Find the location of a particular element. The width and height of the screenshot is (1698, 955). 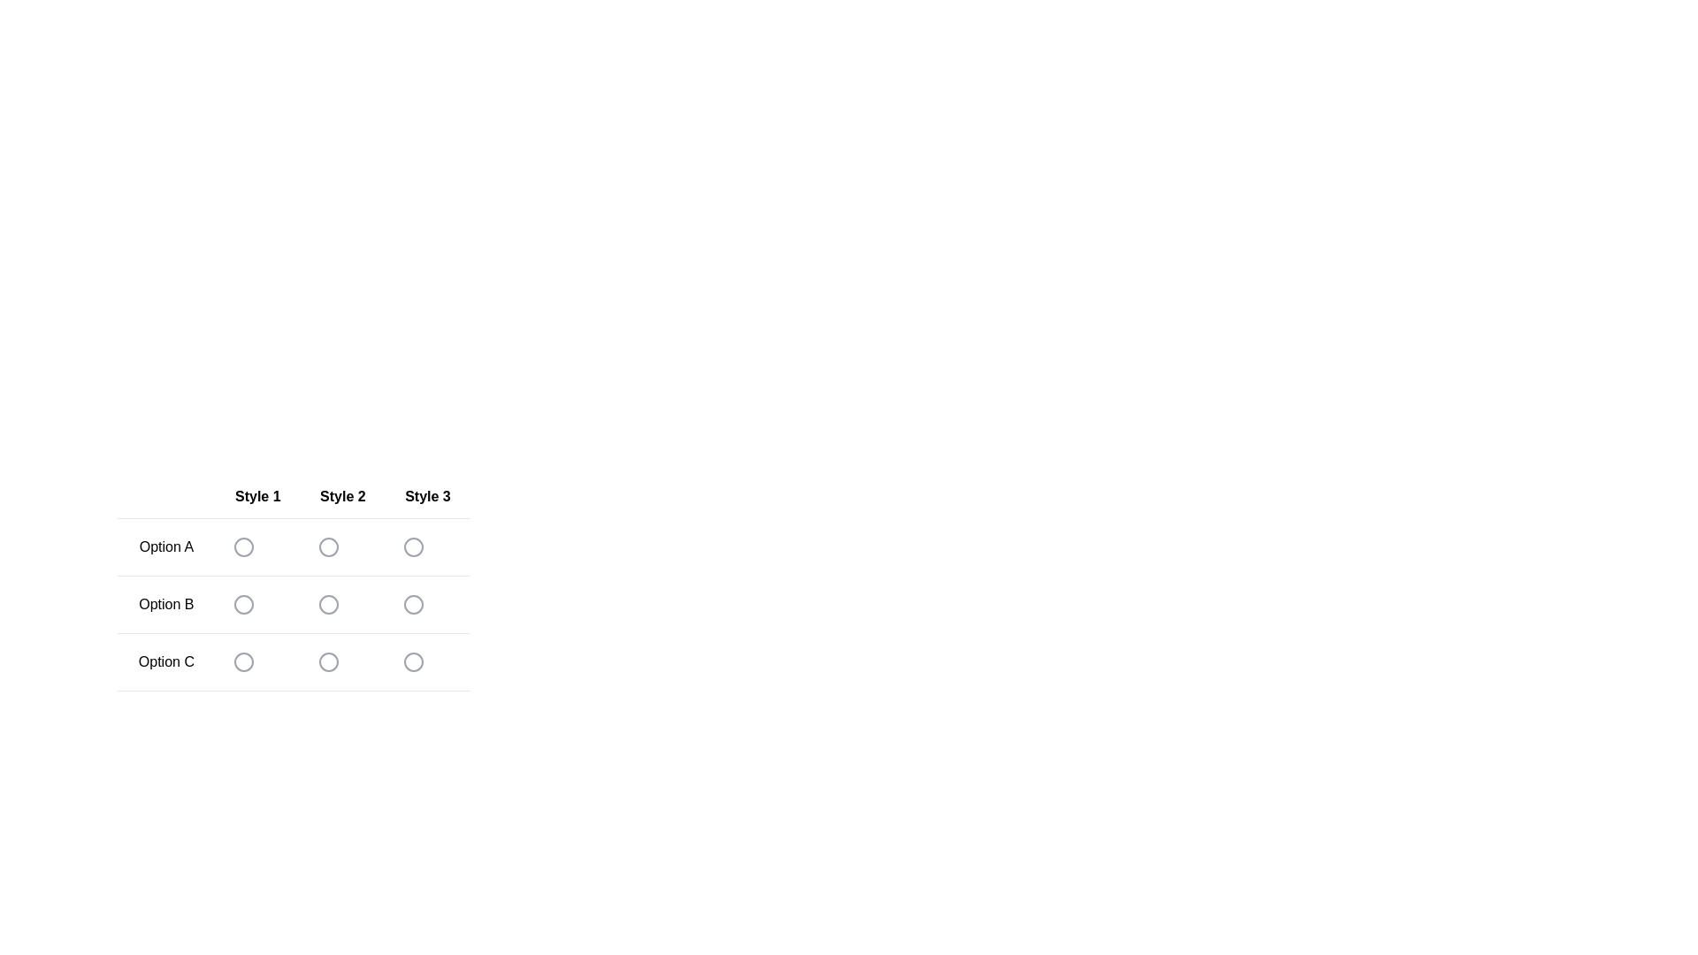

the center of the circular radio button marker under the label 'Style 3' and aligned with 'Option A' is located at coordinates (412, 546).